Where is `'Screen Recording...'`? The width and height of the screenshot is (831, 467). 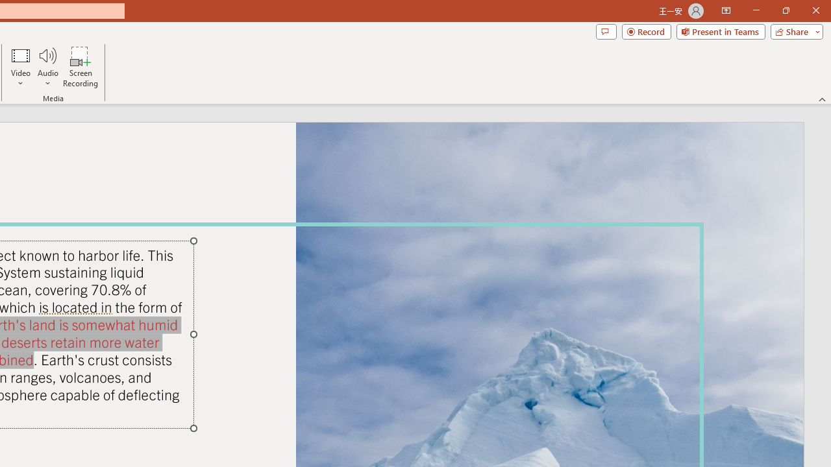
'Screen Recording...' is located at coordinates (80, 67).